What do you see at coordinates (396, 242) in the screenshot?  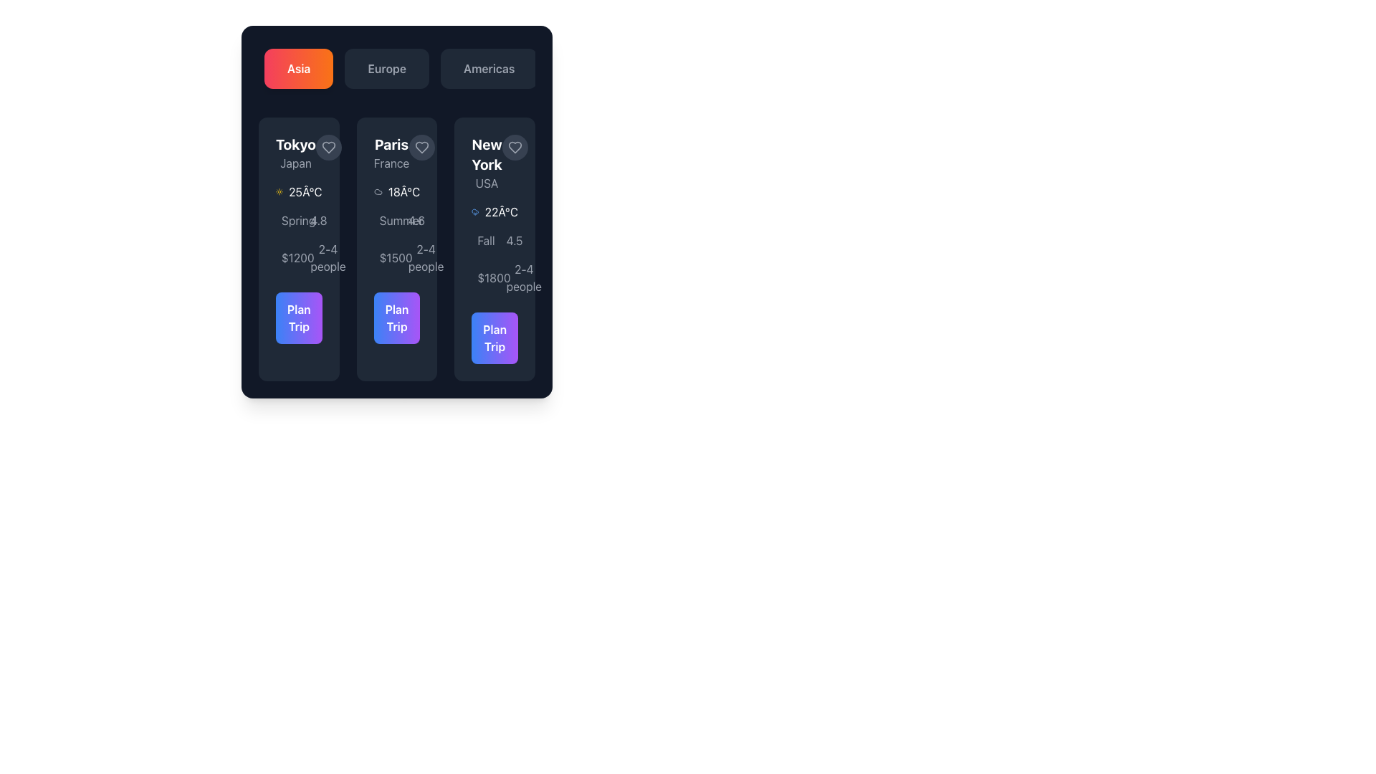 I see `detailed information displayed in the informational component about the travel destination in the Paris section, located below the temperature '18°C' and above the 'Plan Trip' button` at bounding box center [396, 242].